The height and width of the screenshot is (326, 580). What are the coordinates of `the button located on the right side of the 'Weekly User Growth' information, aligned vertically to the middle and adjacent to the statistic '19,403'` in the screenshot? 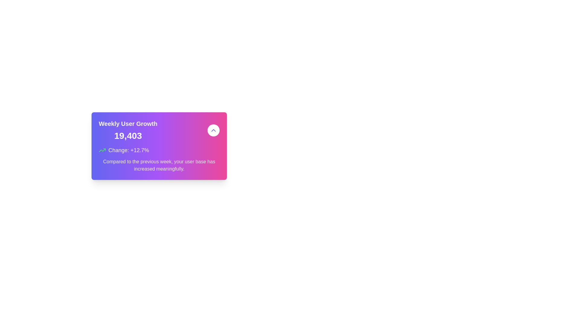 It's located at (213, 130).